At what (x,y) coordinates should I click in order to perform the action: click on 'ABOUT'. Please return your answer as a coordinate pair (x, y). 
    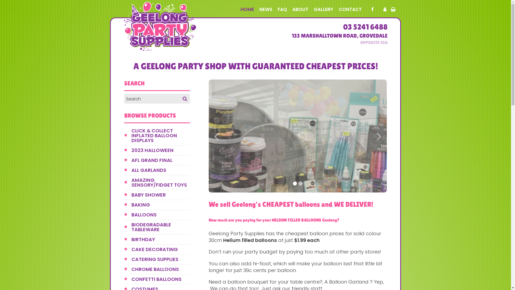
    Looking at the image, I should click on (300, 9).